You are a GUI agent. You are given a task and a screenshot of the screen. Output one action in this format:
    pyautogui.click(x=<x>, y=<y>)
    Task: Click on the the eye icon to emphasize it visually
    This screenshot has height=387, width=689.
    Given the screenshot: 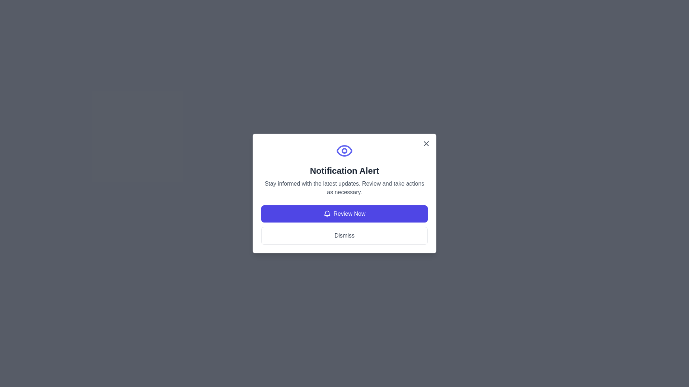 What is the action you would take?
    pyautogui.click(x=344, y=150)
    